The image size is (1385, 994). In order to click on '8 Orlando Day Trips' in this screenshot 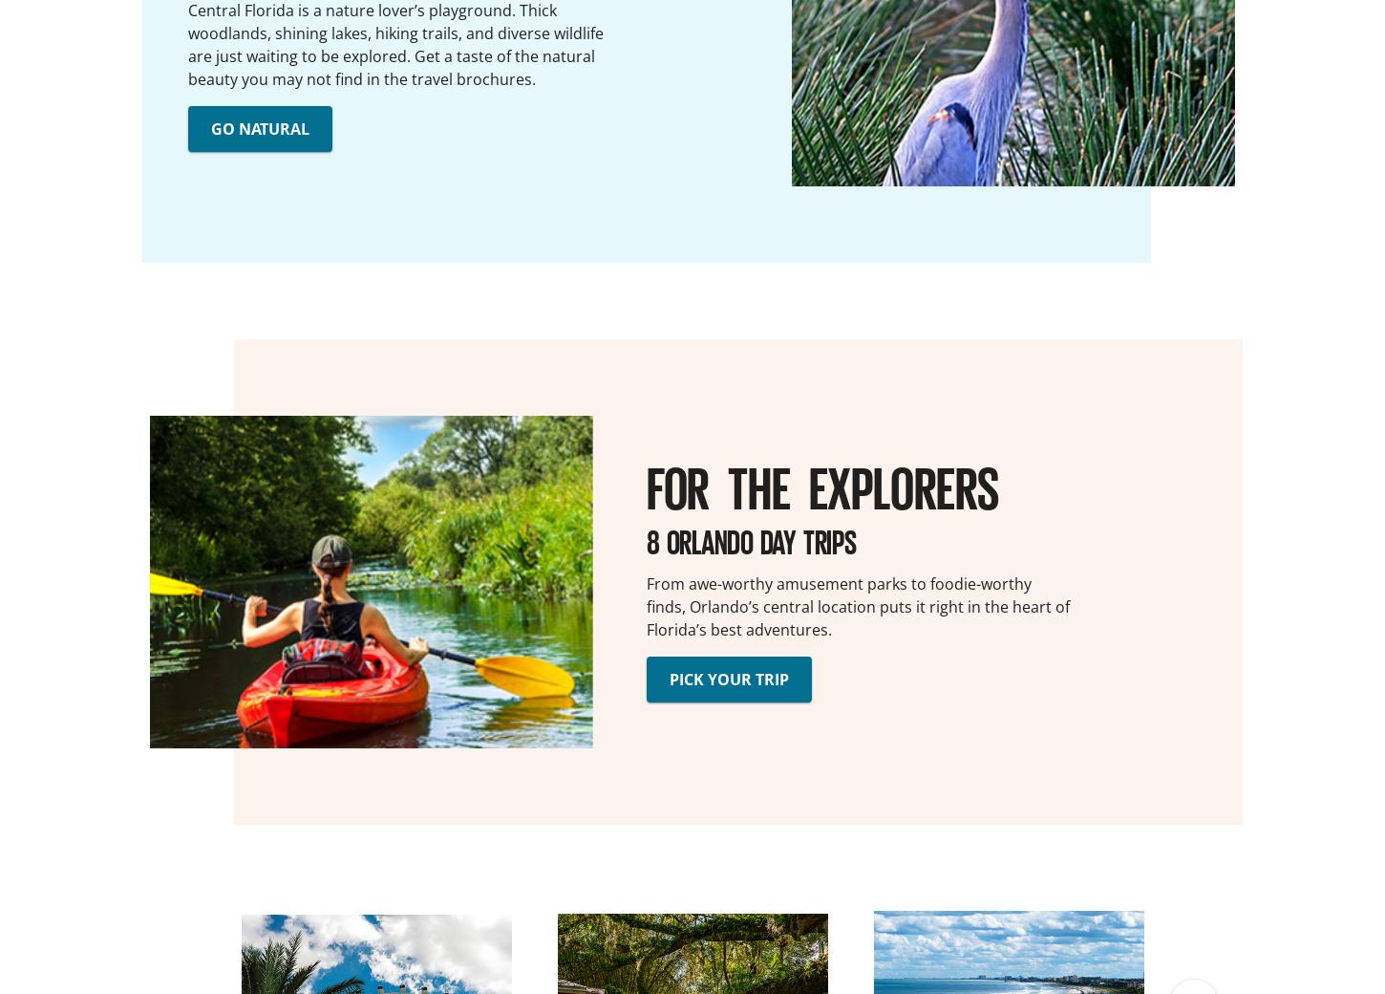, I will do `click(751, 539)`.